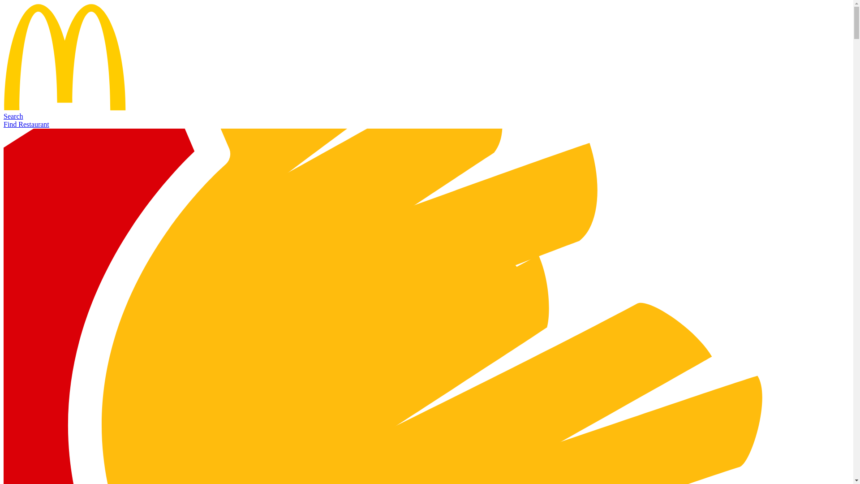 The width and height of the screenshot is (860, 484). I want to click on 'Find Restaurant', so click(26, 124).